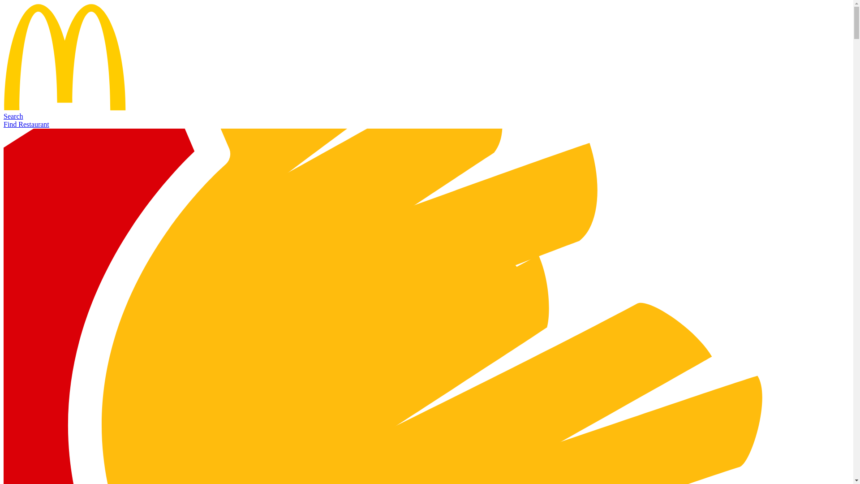 The width and height of the screenshot is (860, 484). I want to click on 'Find Restaurant', so click(26, 124).